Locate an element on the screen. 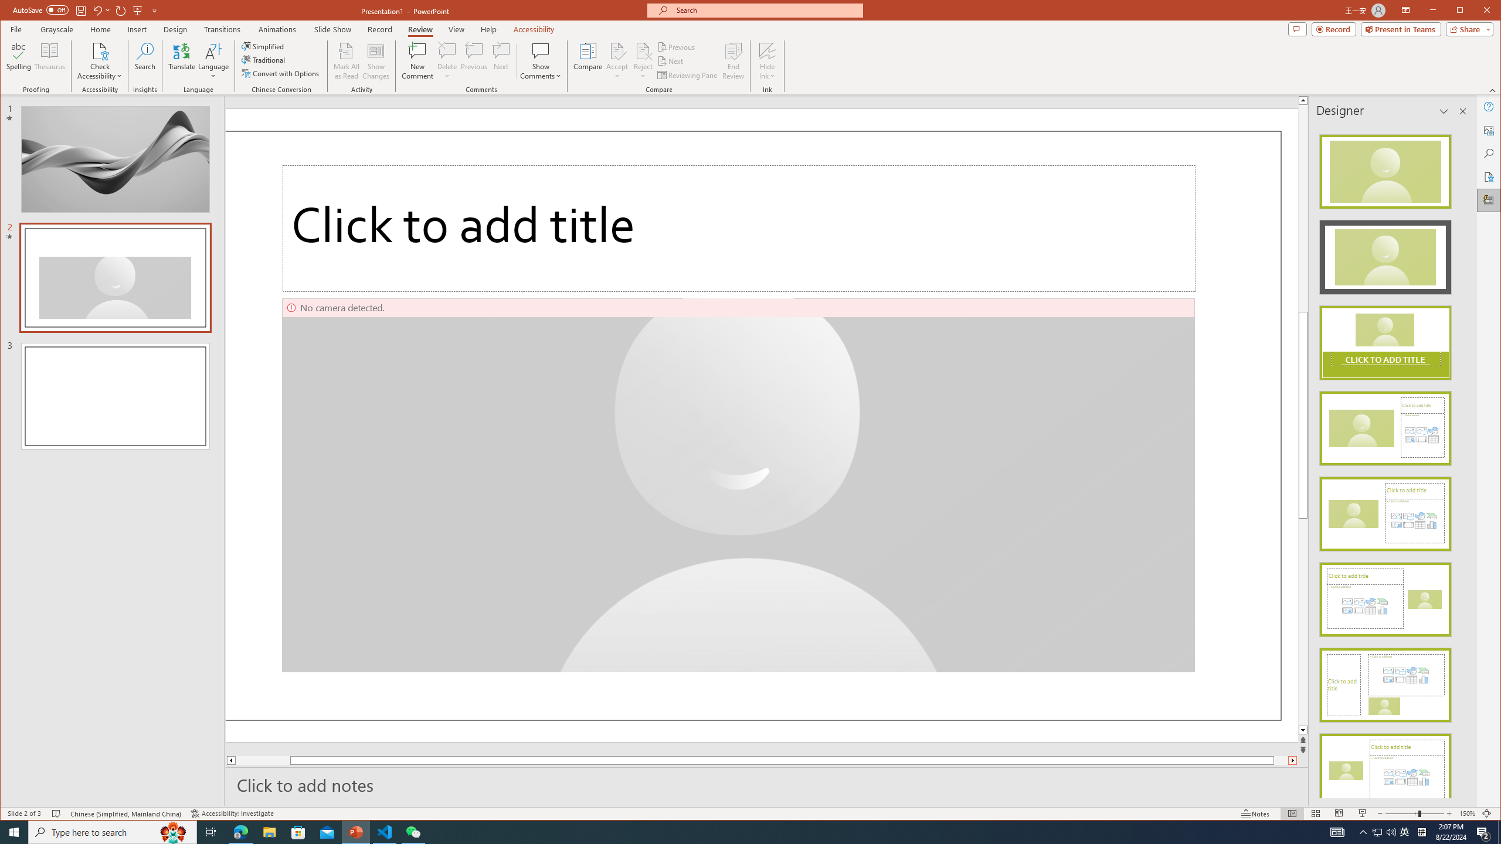 This screenshot has width=1501, height=844. 'New Comment' is located at coordinates (417, 60).